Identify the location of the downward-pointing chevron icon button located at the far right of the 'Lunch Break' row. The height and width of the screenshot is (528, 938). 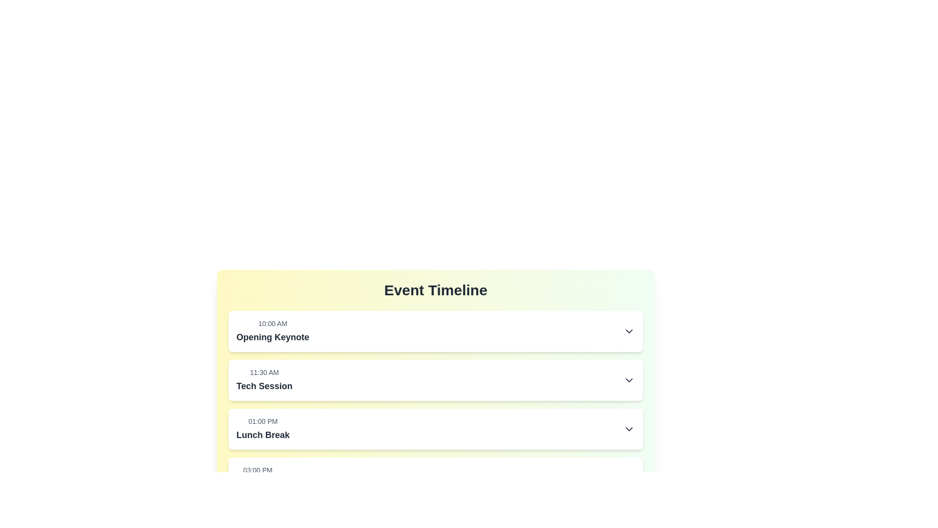
(629, 429).